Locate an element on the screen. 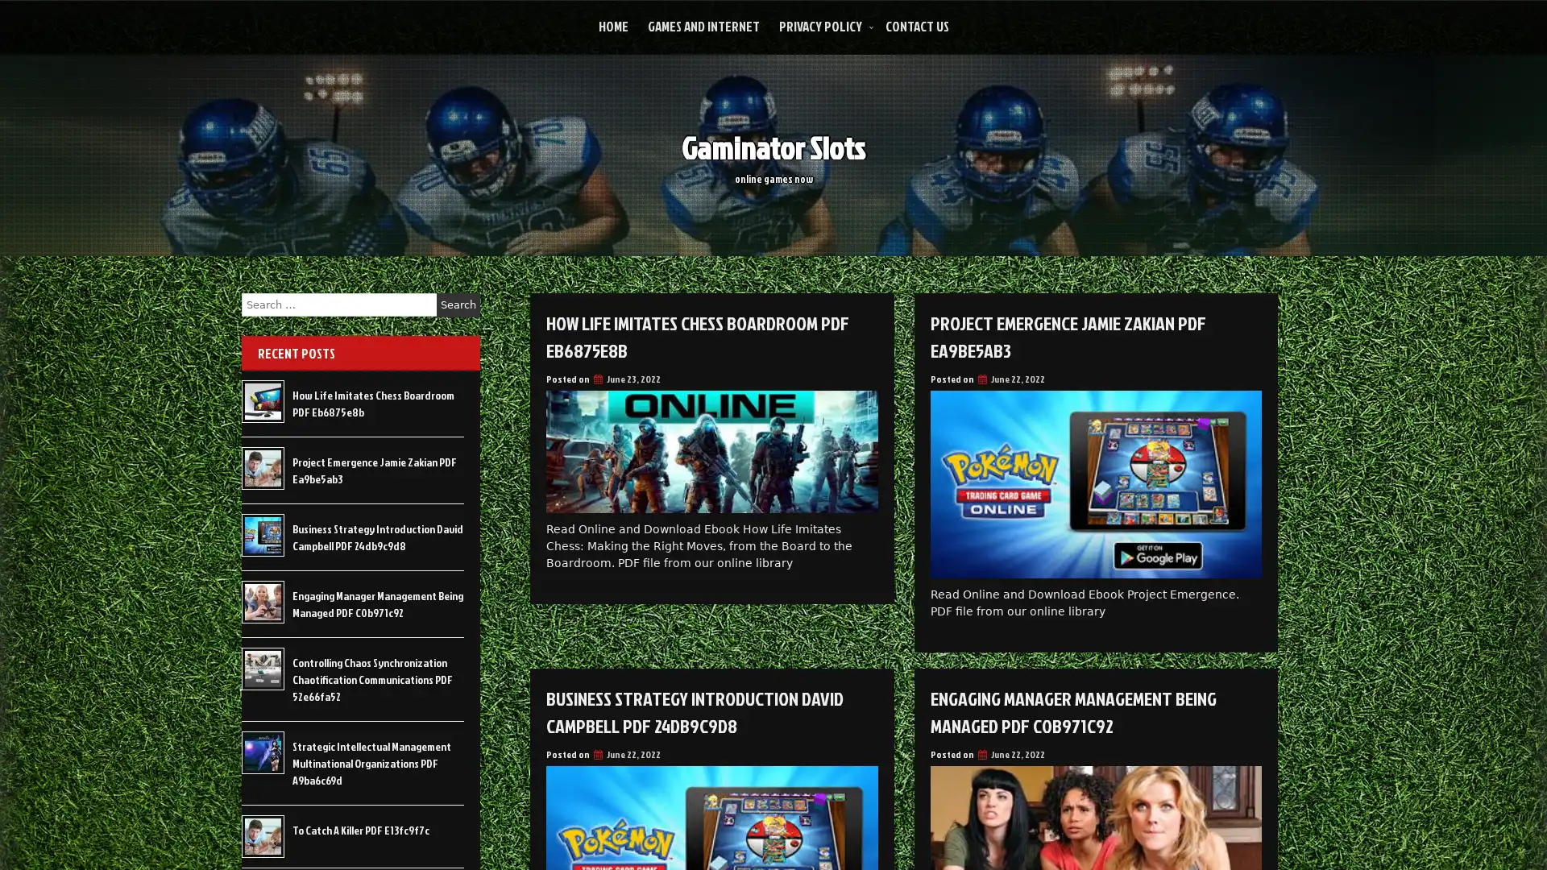 The width and height of the screenshot is (1547, 870). Search is located at coordinates (458, 304).